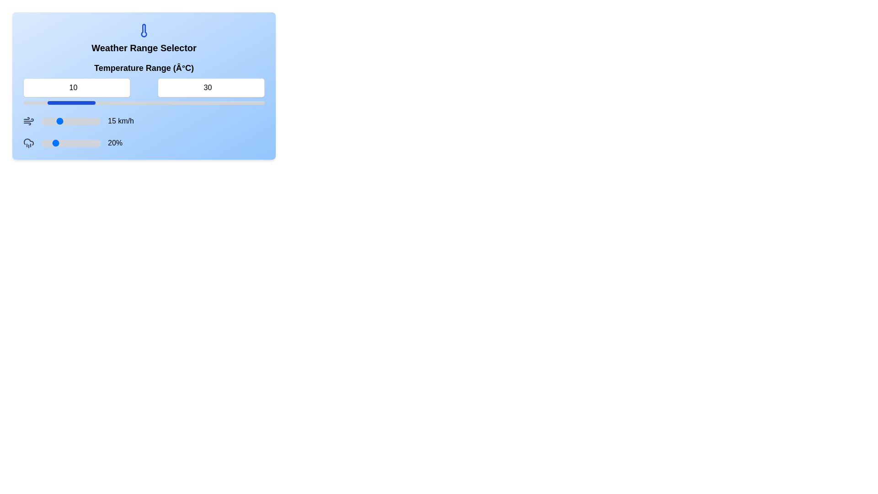 The width and height of the screenshot is (878, 494). Describe the element at coordinates (120, 121) in the screenshot. I see `the text label displaying the current wind speed value, which shows '15 km/h' and is located to the right of the slider control` at that location.